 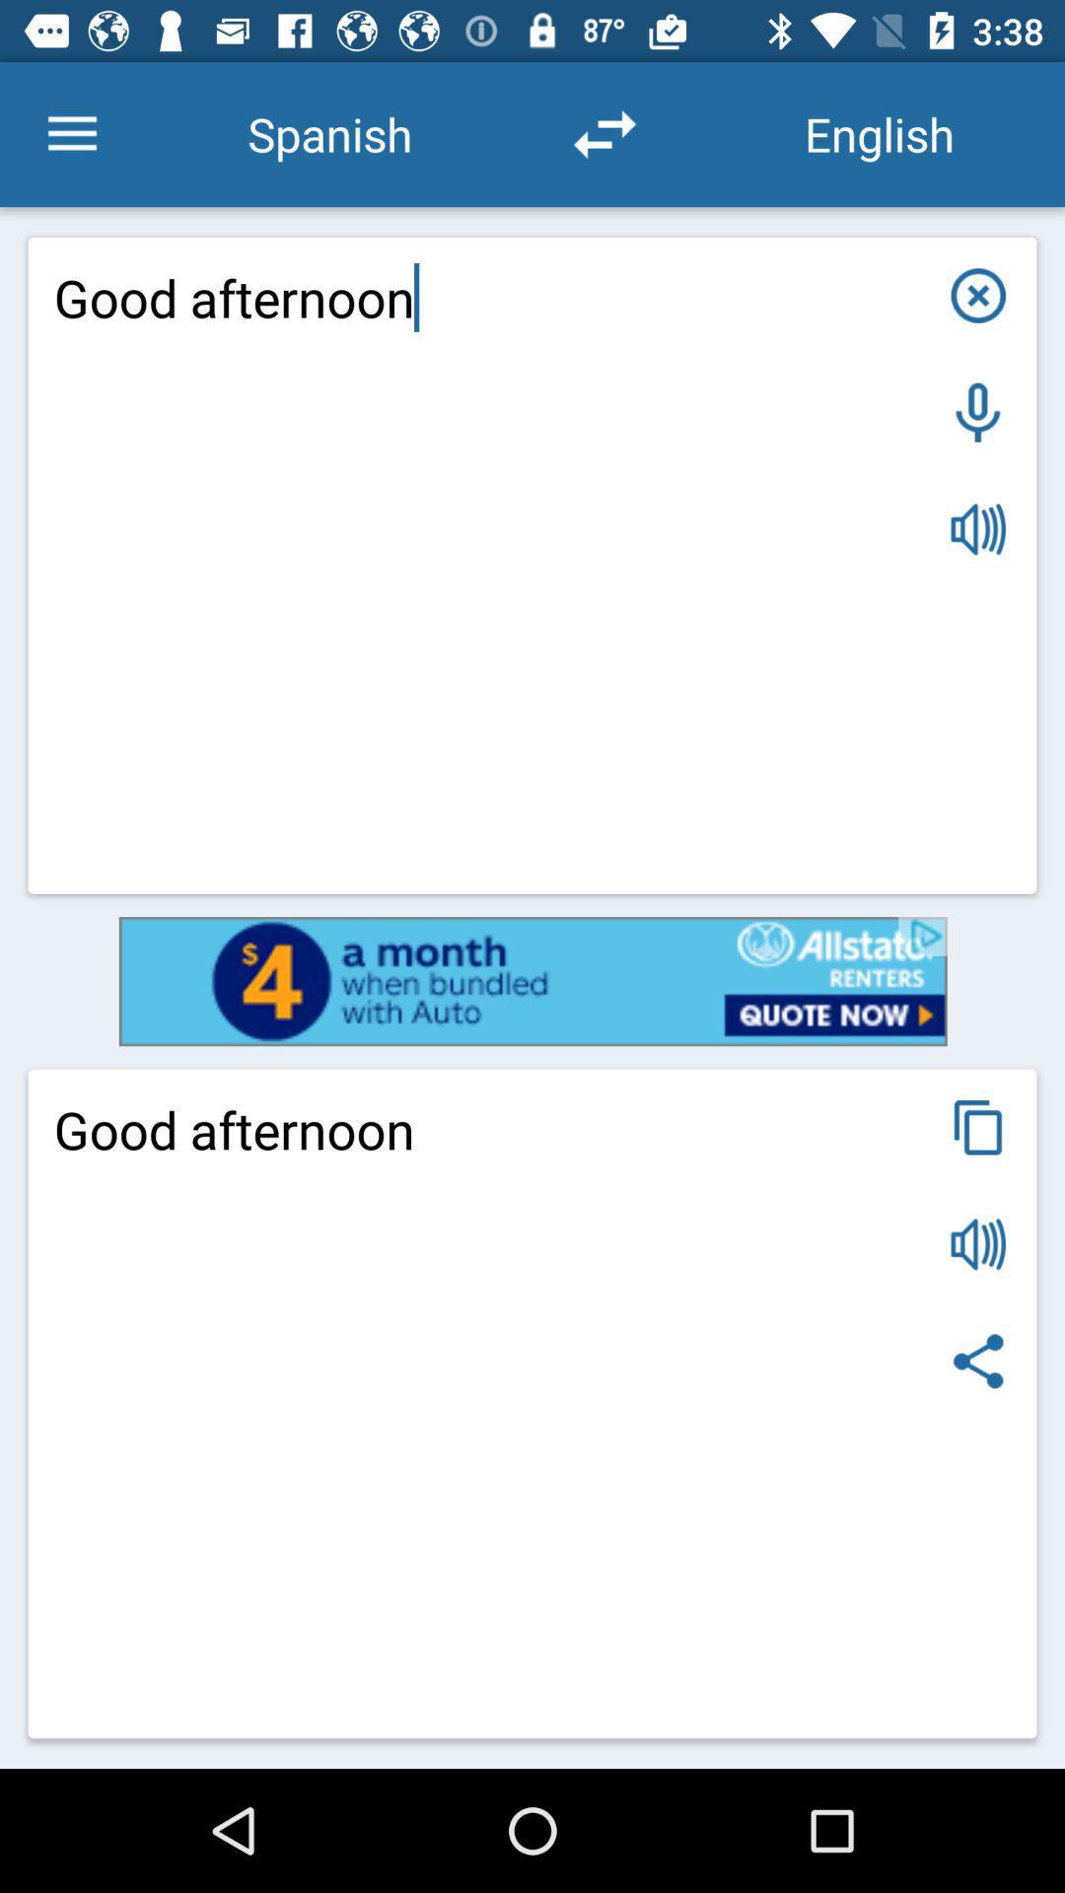 What do you see at coordinates (532, 981) in the screenshot?
I see `open allstate renters advertisement` at bounding box center [532, 981].